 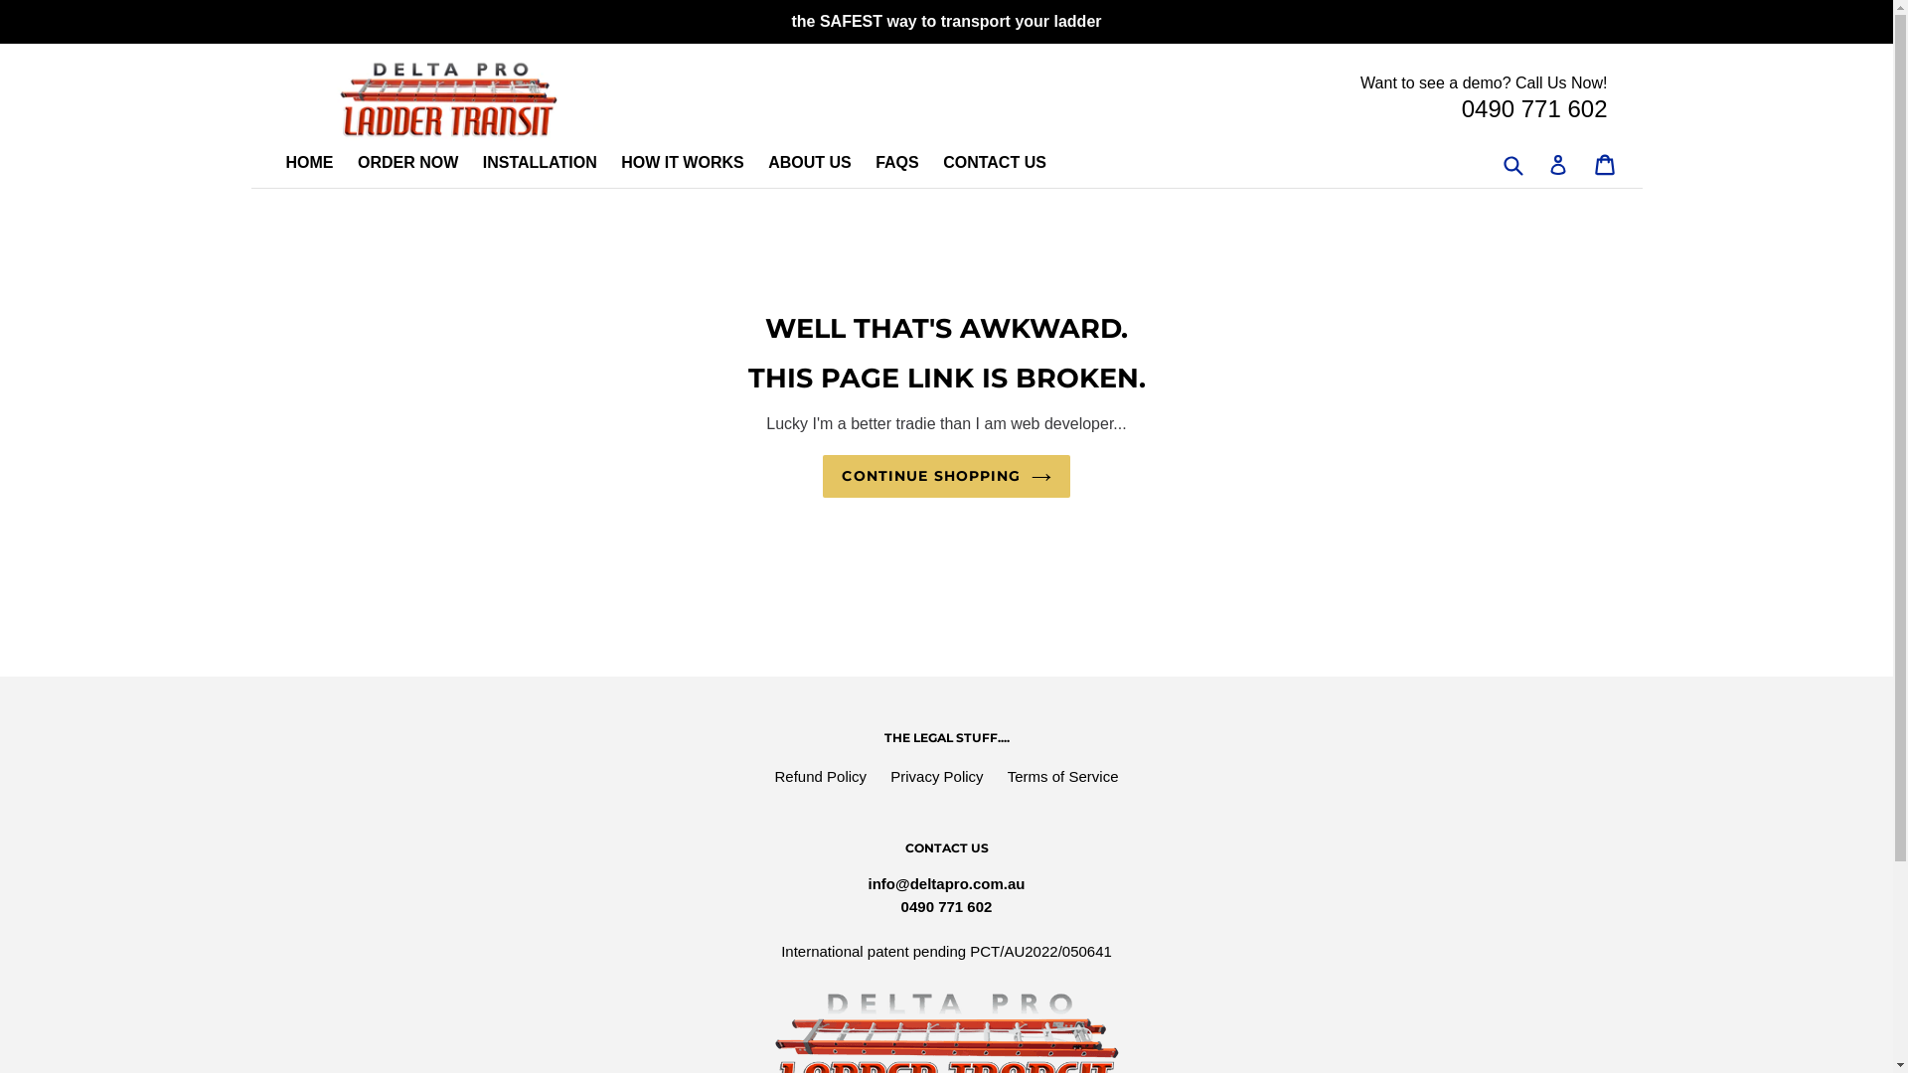 What do you see at coordinates (935, 775) in the screenshot?
I see `'Privacy Policy'` at bounding box center [935, 775].